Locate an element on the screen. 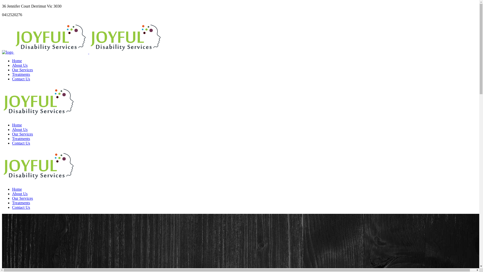 The width and height of the screenshot is (483, 272). 'Contact Us' is located at coordinates (21, 207).